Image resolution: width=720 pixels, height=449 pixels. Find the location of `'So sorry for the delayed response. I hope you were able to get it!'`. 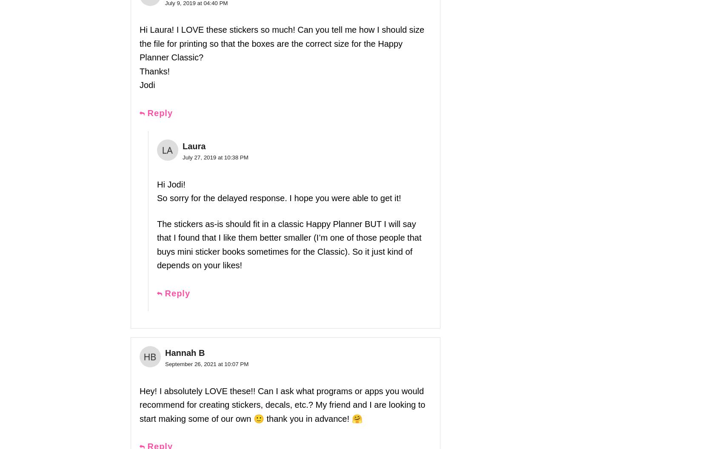

'So sorry for the delayed response. I hope you were able to get it!' is located at coordinates (279, 198).